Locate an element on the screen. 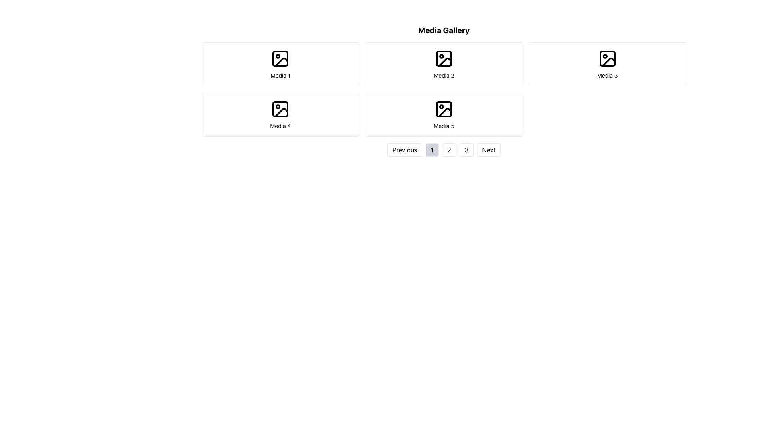  the pagination button representing page 1, located between the 'Previous' button and button '2' is located at coordinates (432, 150).